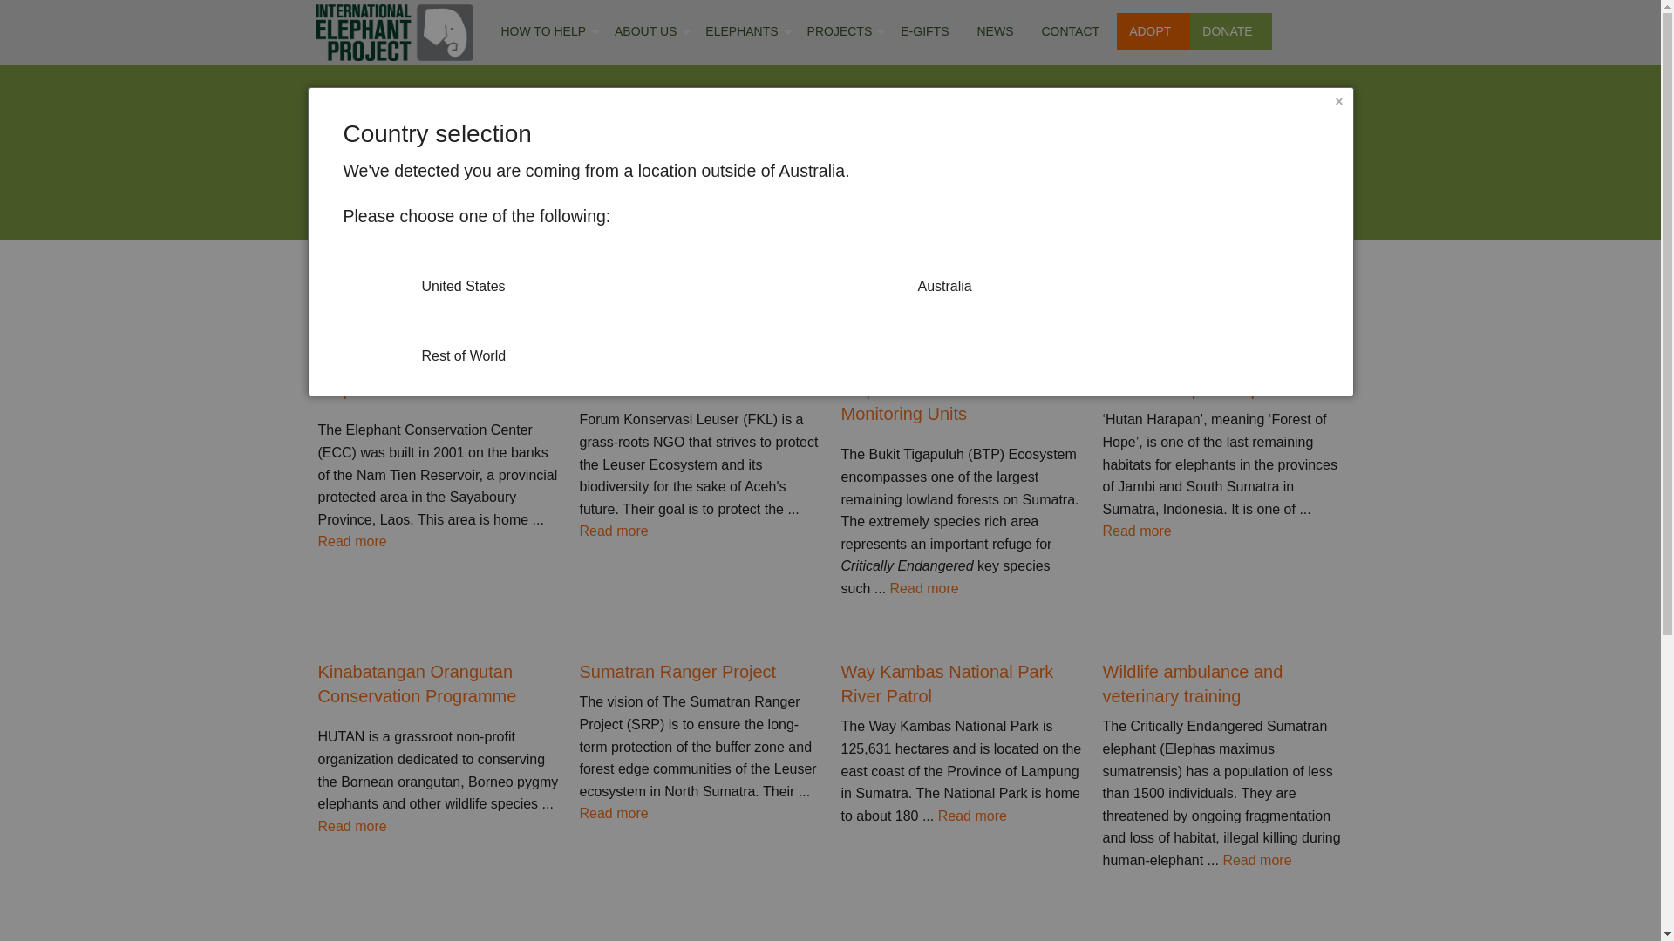  Describe the element at coordinates (927, 30) in the screenshot. I see `'E-GIFTS'` at that location.